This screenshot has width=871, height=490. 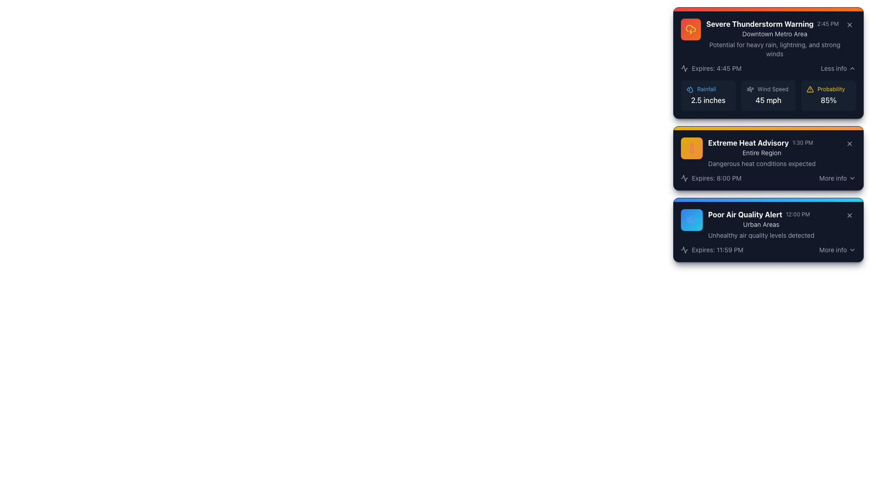 What do you see at coordinates (768, 96) in the screenshot?
I see `the weather-related informational display block showing wind speed, which is located under the 'Severe Thunderstorm Warning' section and is the second block in a row of three elements` at bounding box center [768, 96].